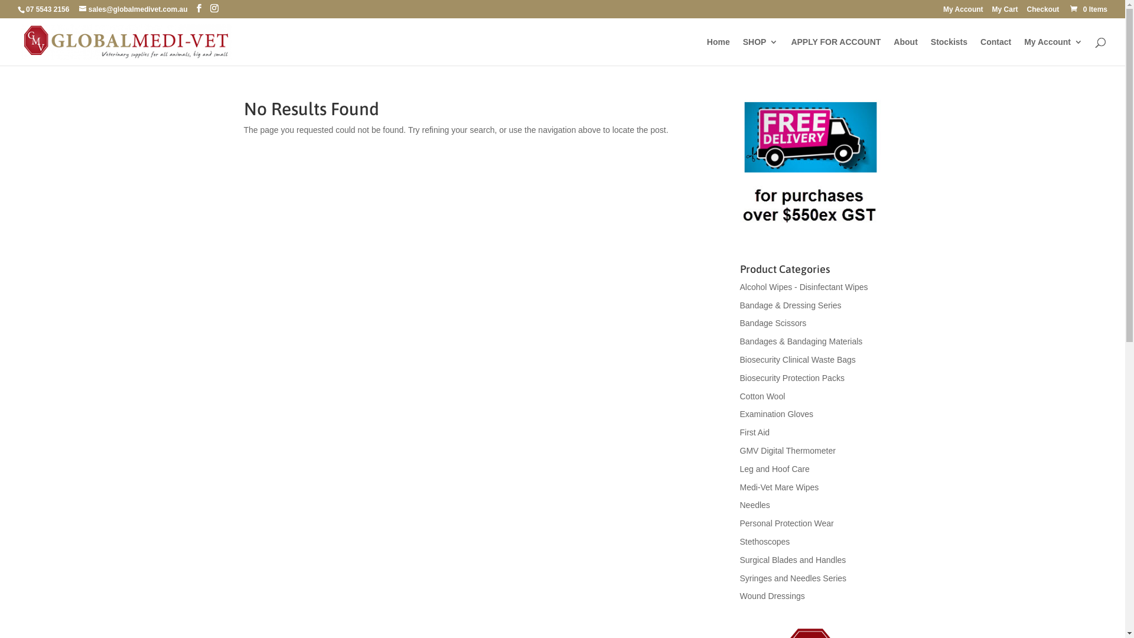 This screenshot has width=1134, height=638. What do you see at coordinates (739, 578) in the screenshot?
I see `'Syringes and Needles Series'` at bounding box center [739, 578].